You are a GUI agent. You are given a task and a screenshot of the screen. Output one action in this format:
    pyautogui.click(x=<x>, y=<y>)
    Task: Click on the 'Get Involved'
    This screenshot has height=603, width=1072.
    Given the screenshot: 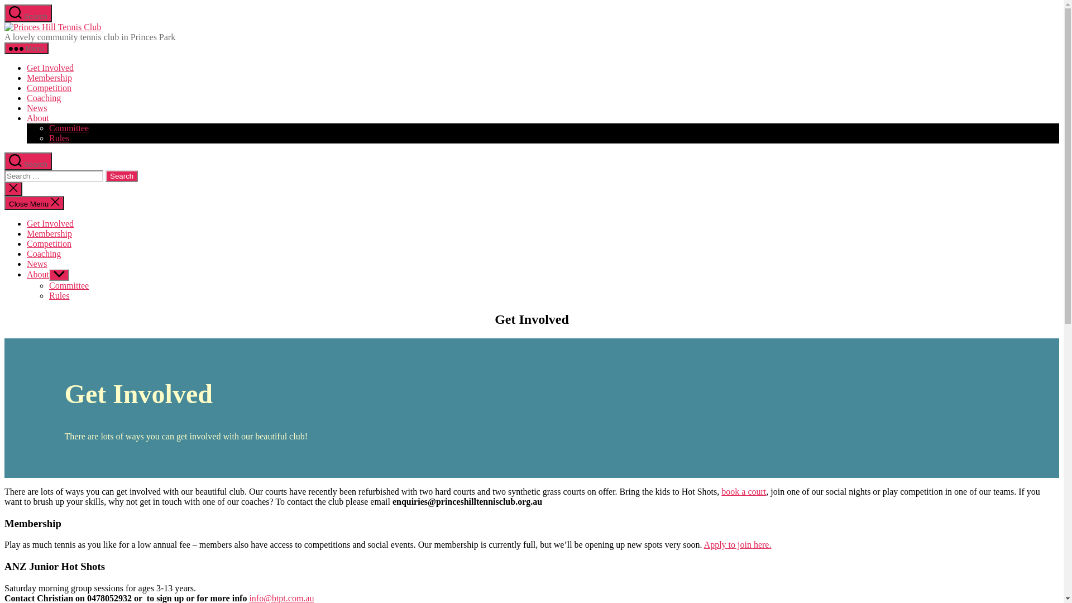 What is the action you would take?
    pyautogui.click(x=50, y=223)
    